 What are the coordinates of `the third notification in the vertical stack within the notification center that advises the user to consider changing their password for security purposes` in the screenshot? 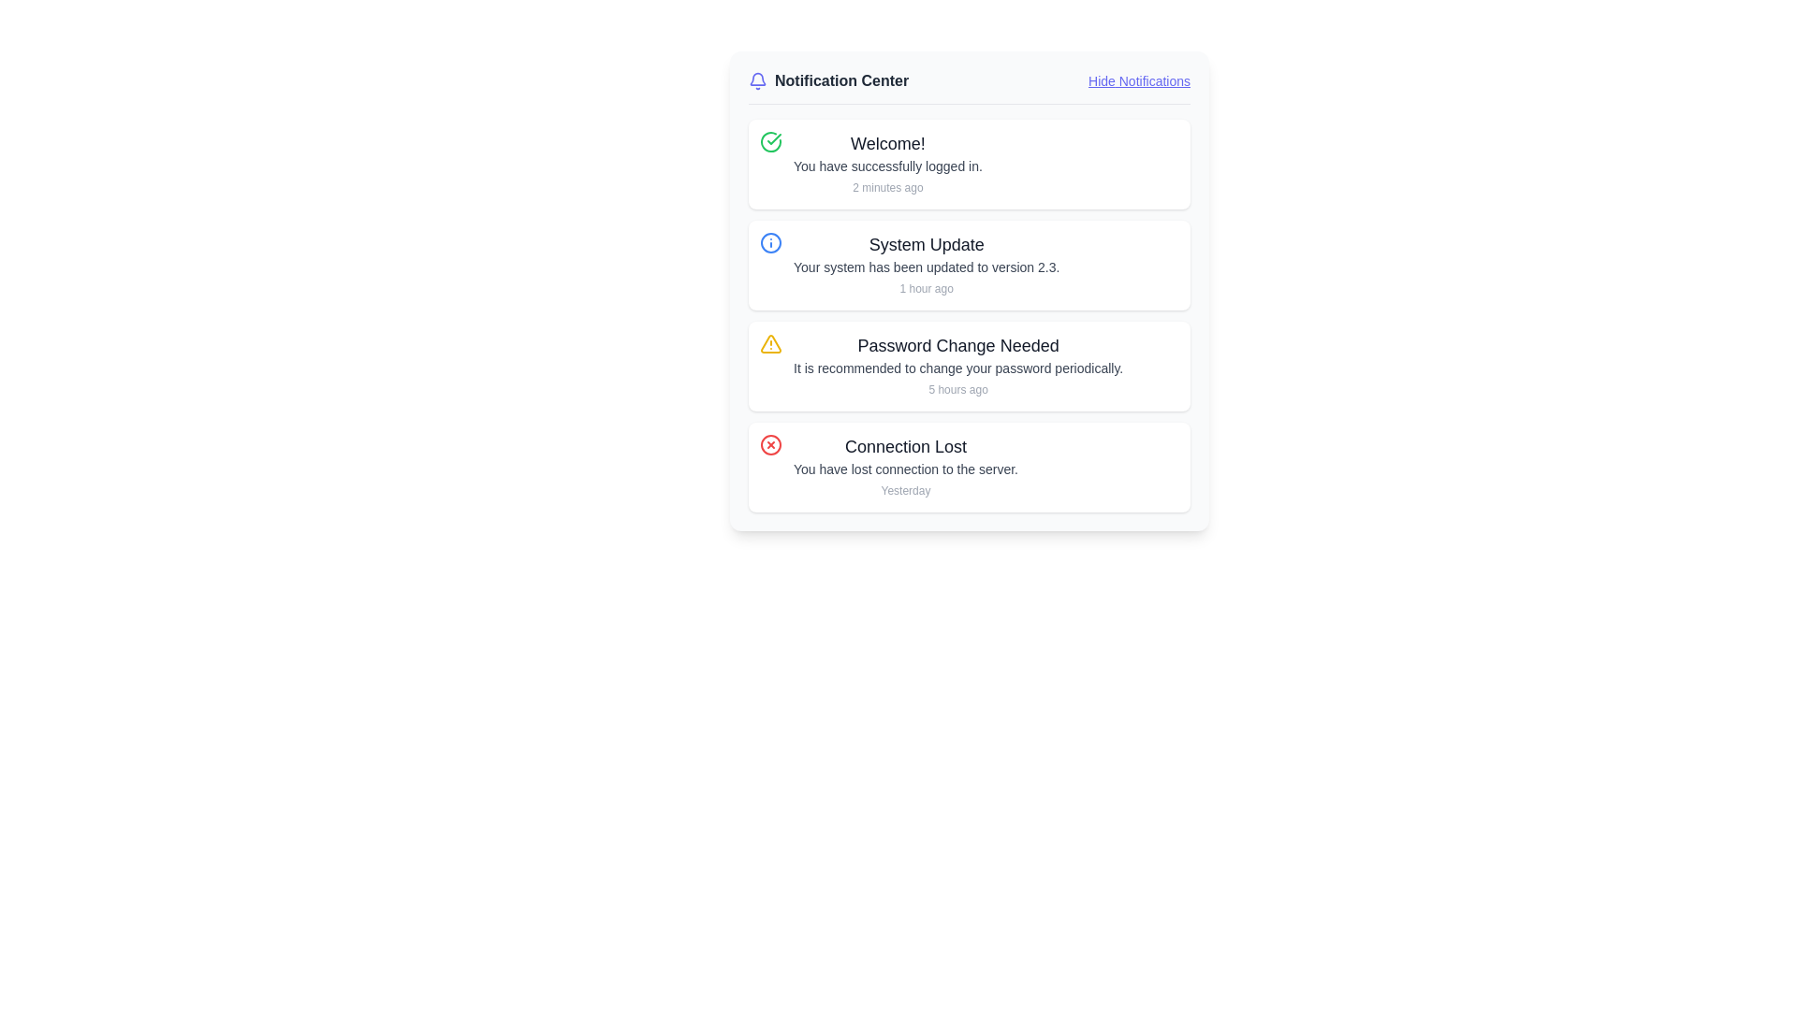 It's located at (958, 367).